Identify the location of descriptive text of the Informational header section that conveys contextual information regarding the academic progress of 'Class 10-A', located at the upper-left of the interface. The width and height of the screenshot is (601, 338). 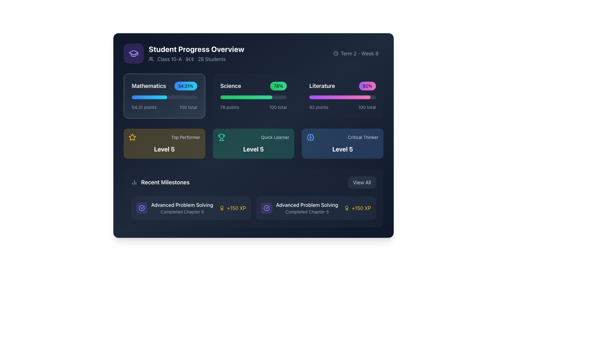
(183, 53).